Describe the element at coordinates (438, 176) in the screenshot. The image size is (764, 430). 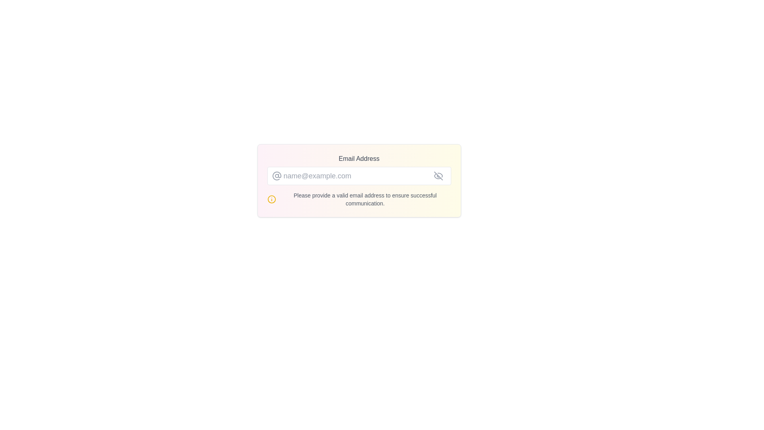
I see `the icon button on the far right side of the email address input field` at that location.